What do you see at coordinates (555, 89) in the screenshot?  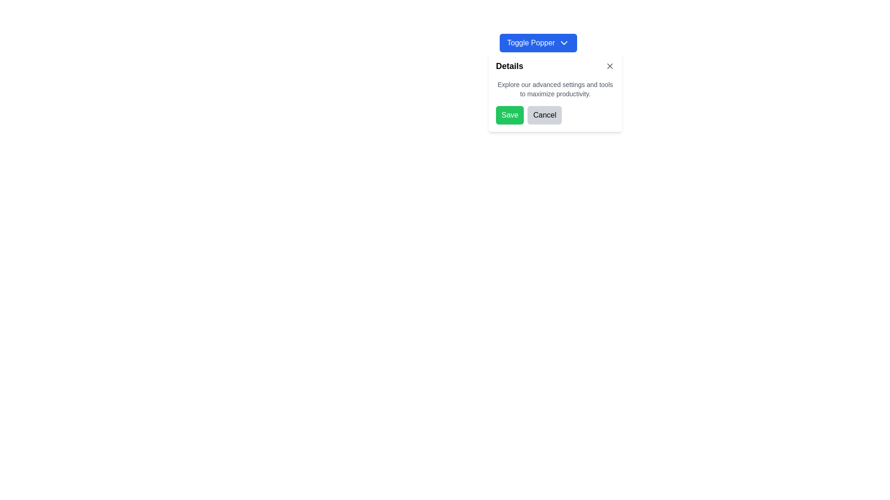 I see `the Text Label that provides additional context or instructions about the purpose of the settings, located below the 'Details' header and above the 'Save' and 'Cancel' buttons` at bounding box center [555, 89].